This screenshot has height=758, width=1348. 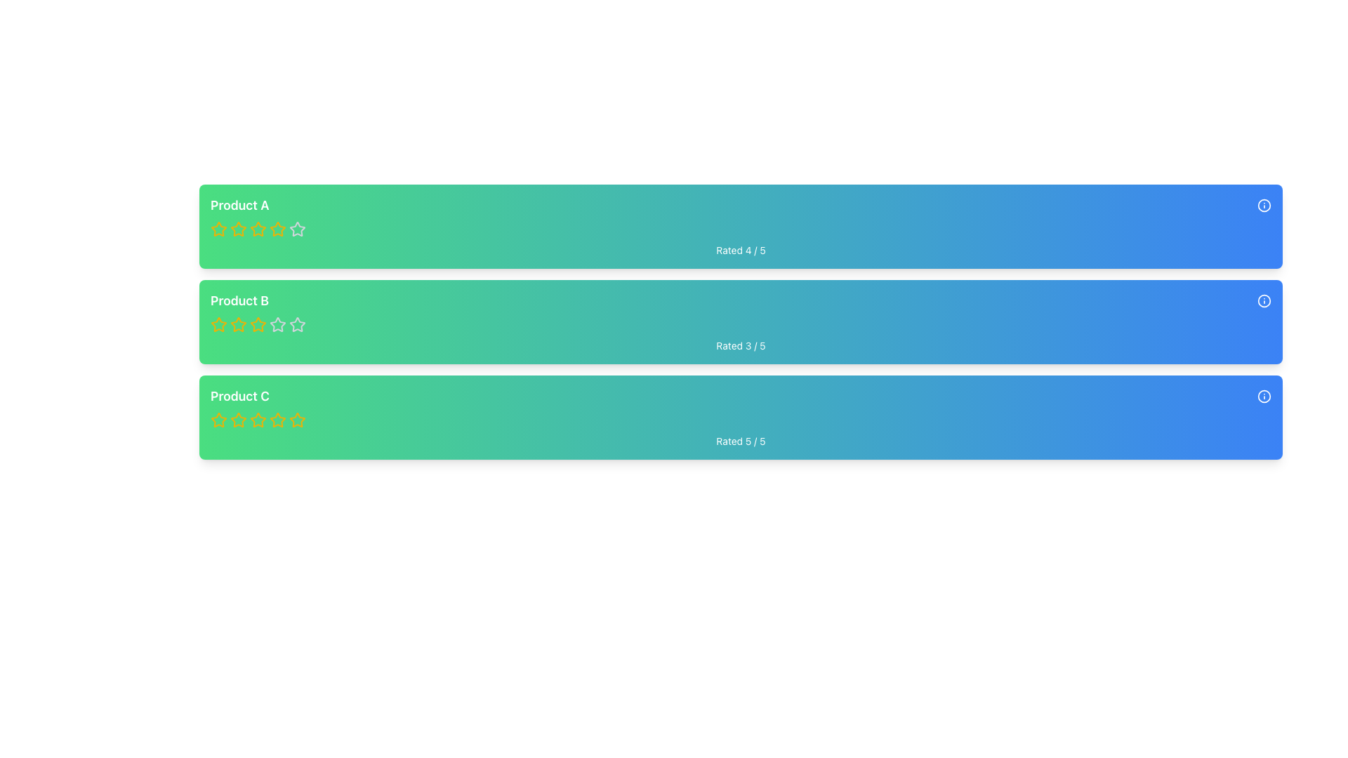 What do you see at coordinates (218, 419) in the screenshot?
I see `first star icon in the rating section of Product C, which has a yellow outline and translucent green fill, for visual feedback` at bounding box center [218, 419].